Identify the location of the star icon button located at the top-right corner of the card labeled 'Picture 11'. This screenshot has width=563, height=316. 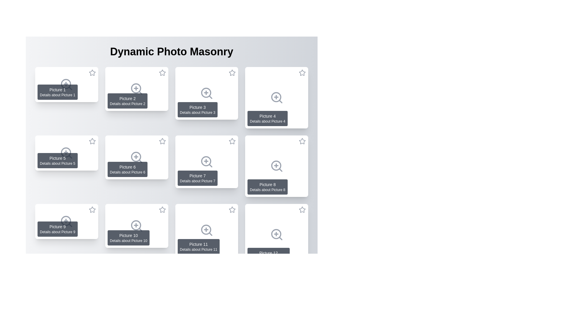
(232, 209).